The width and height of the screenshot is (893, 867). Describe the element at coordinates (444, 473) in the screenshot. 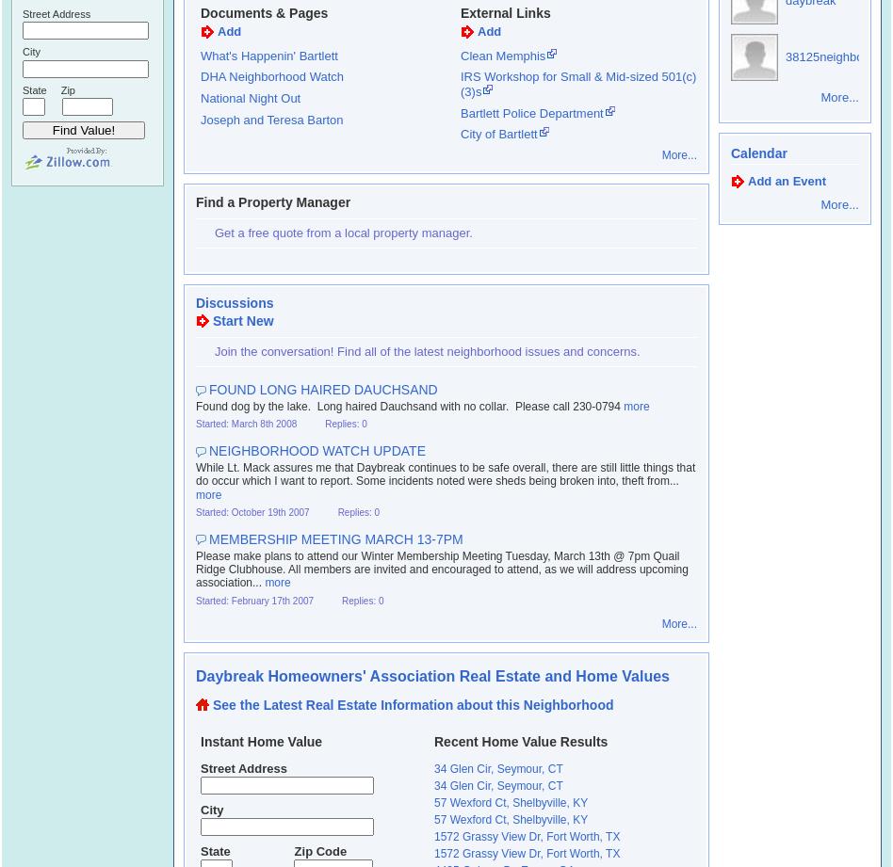

I see `'While Lt. Mack assures me that Daybreak continues to be safe overall, there are still little things that do occur which I want to report. Some incidents noted were sheds being broken into, theft from...'` at that location.